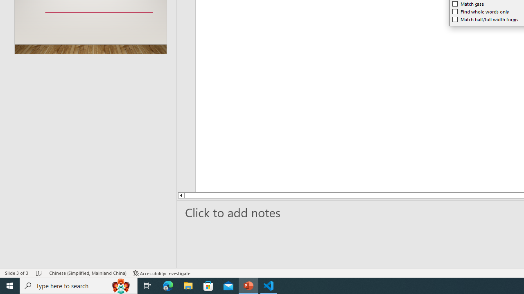 The image size is (524, 294). I want to click on 'Spell Check No Errors', so click(39, 273).